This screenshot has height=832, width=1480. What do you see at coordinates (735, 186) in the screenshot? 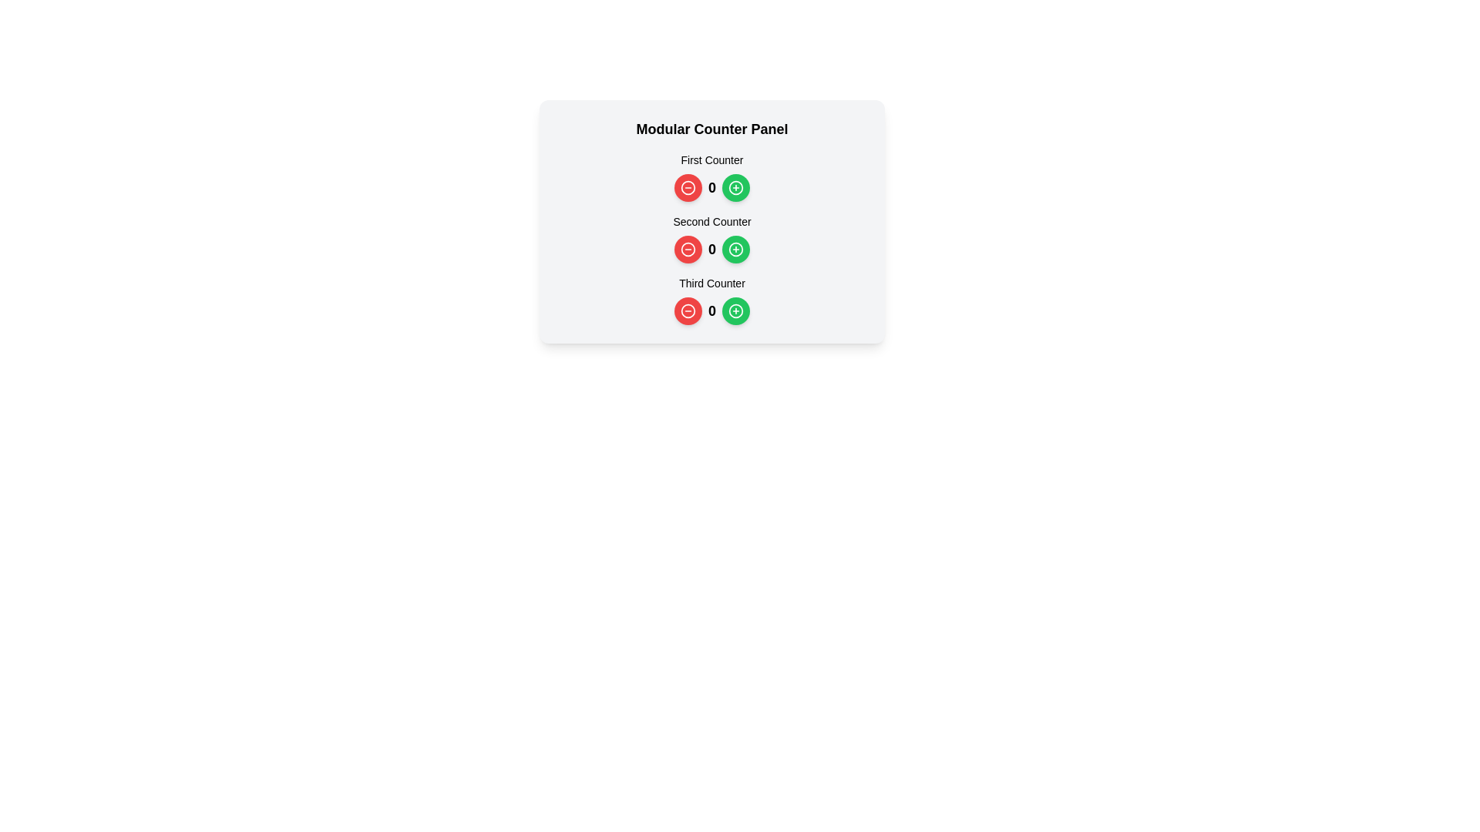
I see `the circular green button with a plus sign in the center, located in the 'First Counter' row` at bounding box center [735, 186].